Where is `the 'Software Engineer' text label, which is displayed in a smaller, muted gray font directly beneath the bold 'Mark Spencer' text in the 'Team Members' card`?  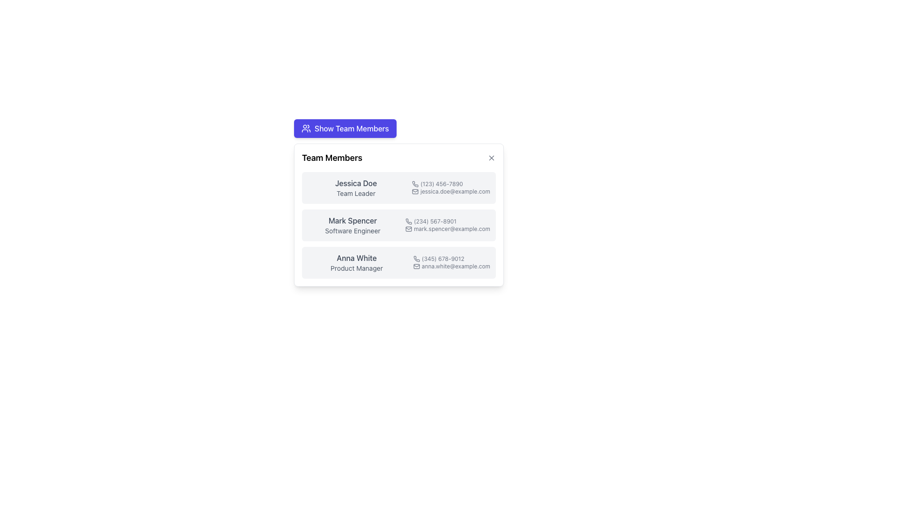 the 'Software Engineer' text label, which is displayed in a smaller, muted gray font directly beneath the bold 'Mark Spencer' text in the 'Team Members' card is located at coordinates (352, 231).